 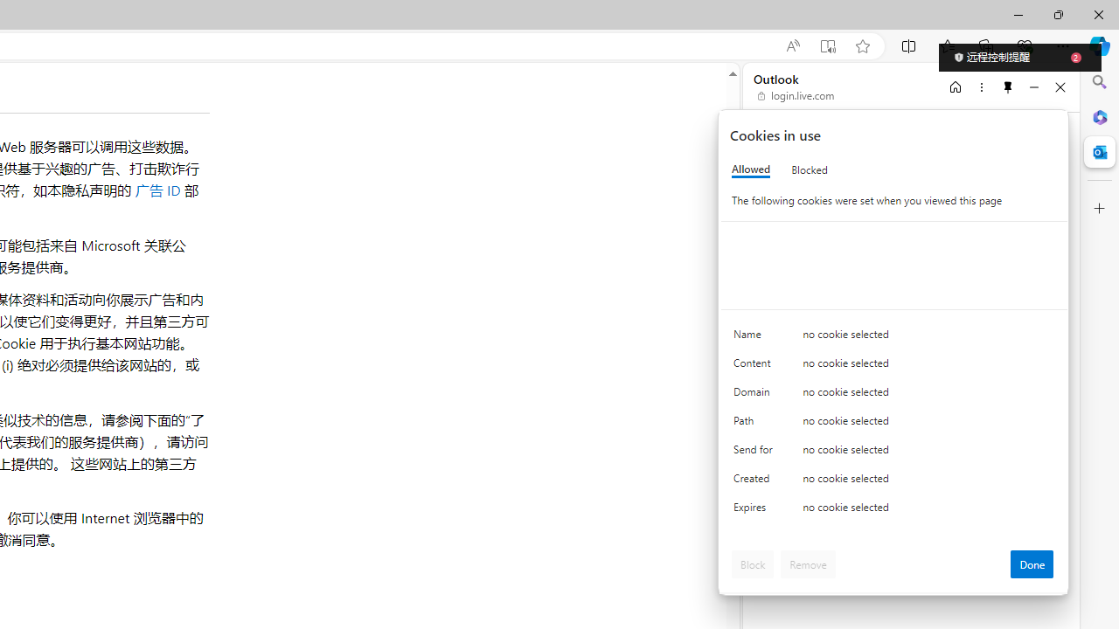 What do you see at coordinates (756, 425) in the screenshot?
I see `'Path'` at bounding box center [756, 425].